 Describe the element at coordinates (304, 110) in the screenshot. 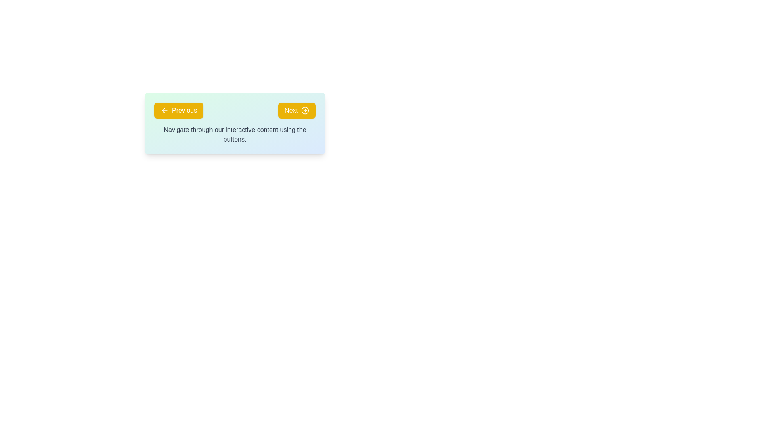

I see `the circle with arrow icon` at that location.